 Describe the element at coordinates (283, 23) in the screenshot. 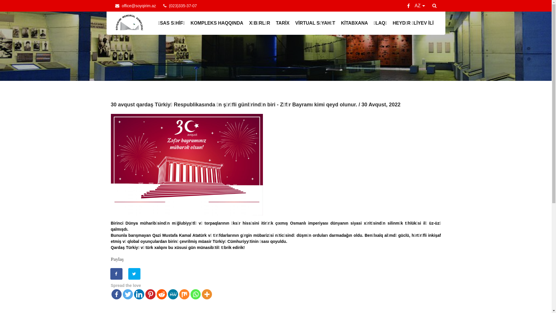

I see `'TARIX'` at that location.